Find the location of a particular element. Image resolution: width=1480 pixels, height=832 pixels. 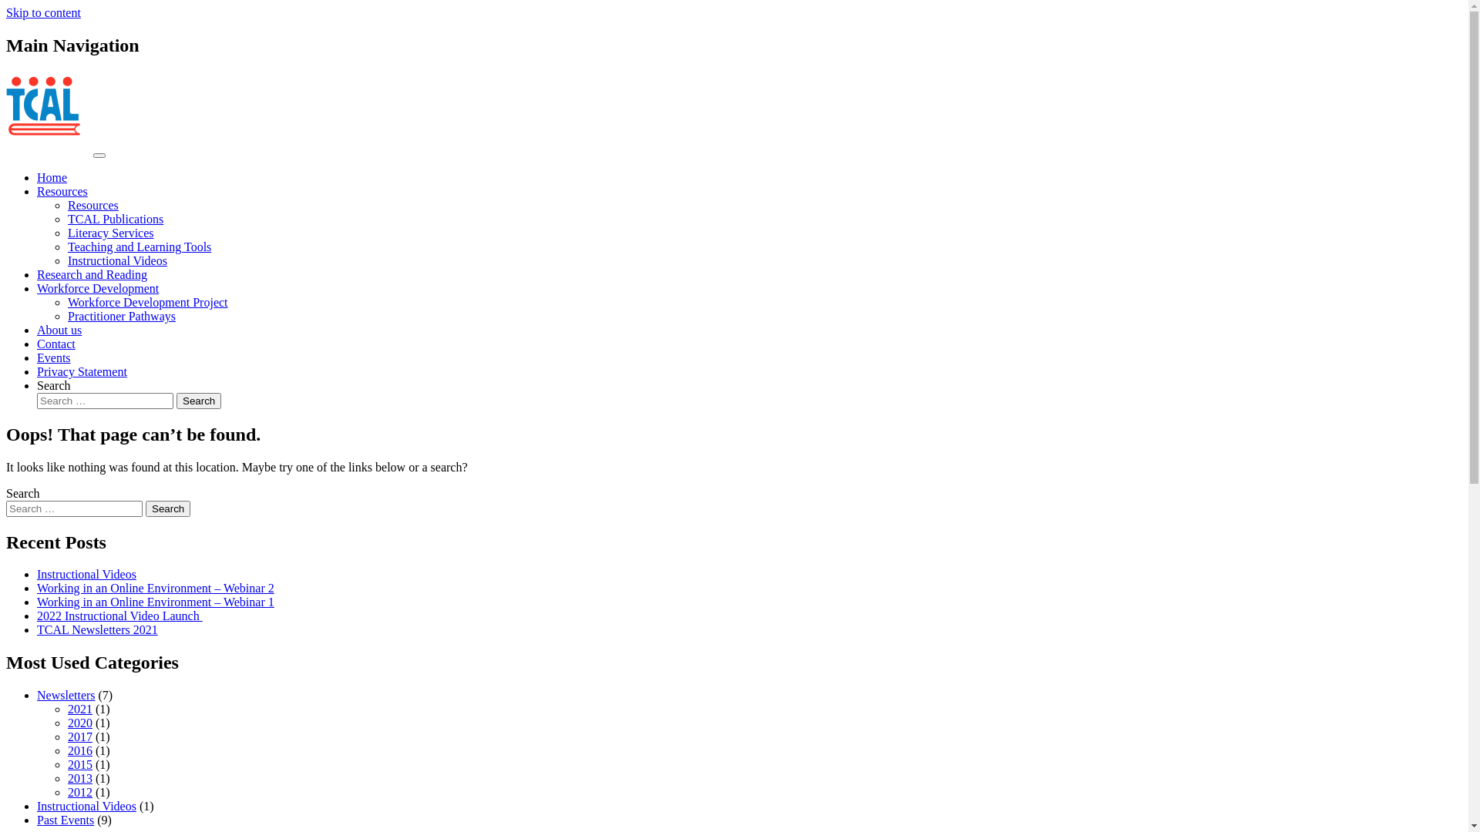

'Contact' is located at coordinates (55, 343).